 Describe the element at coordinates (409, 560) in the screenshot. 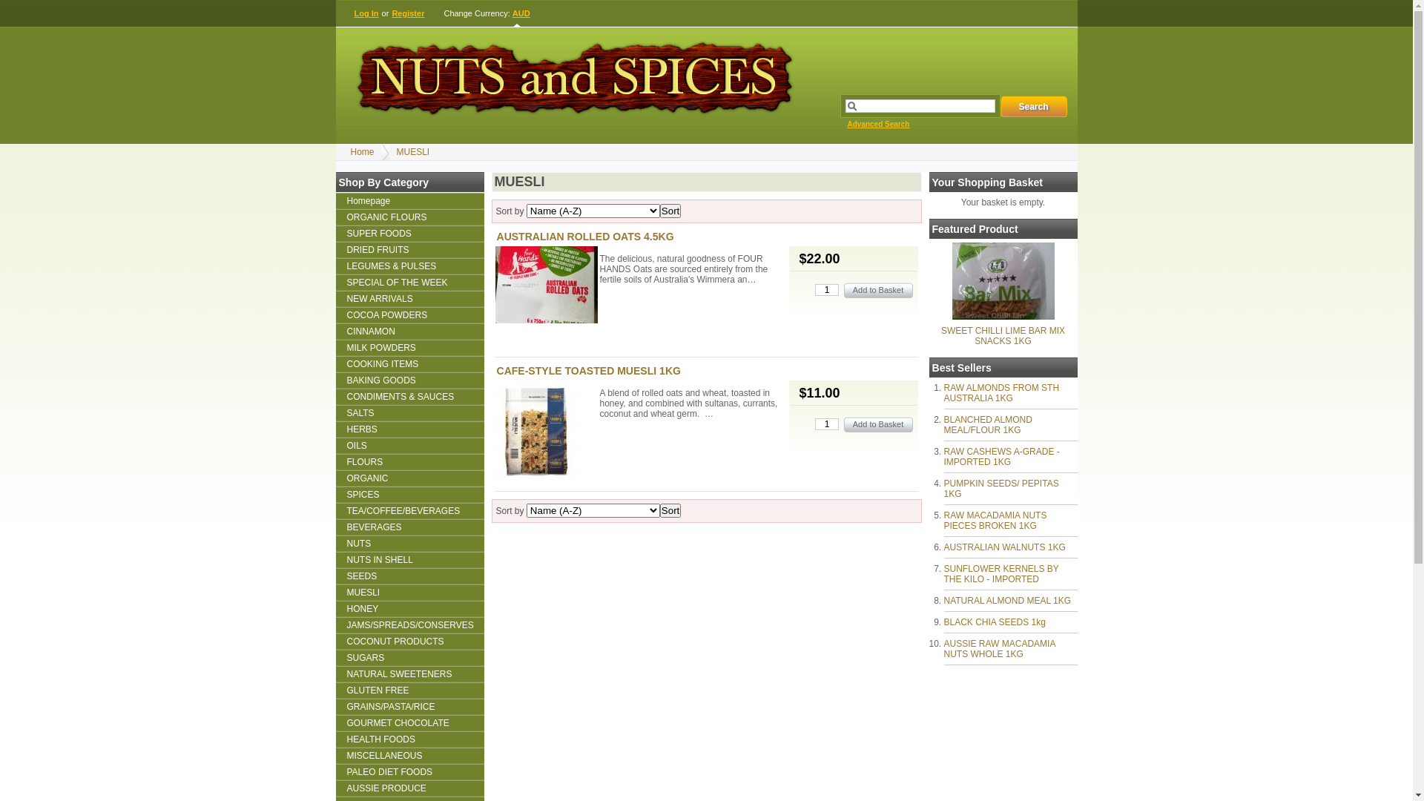

I see `'NUTS IN SHELL'` at that location.